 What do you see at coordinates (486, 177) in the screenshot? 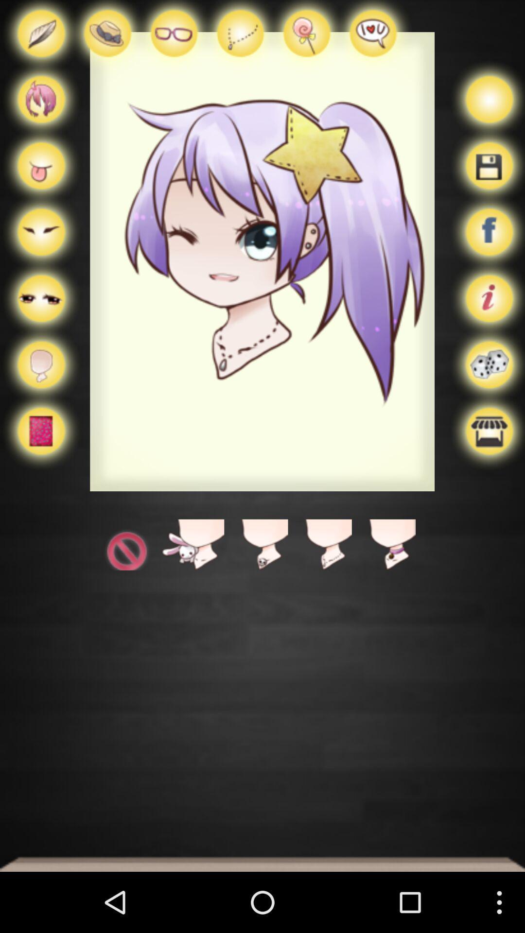
I see `the save icon` at bounding box center [486, 177].